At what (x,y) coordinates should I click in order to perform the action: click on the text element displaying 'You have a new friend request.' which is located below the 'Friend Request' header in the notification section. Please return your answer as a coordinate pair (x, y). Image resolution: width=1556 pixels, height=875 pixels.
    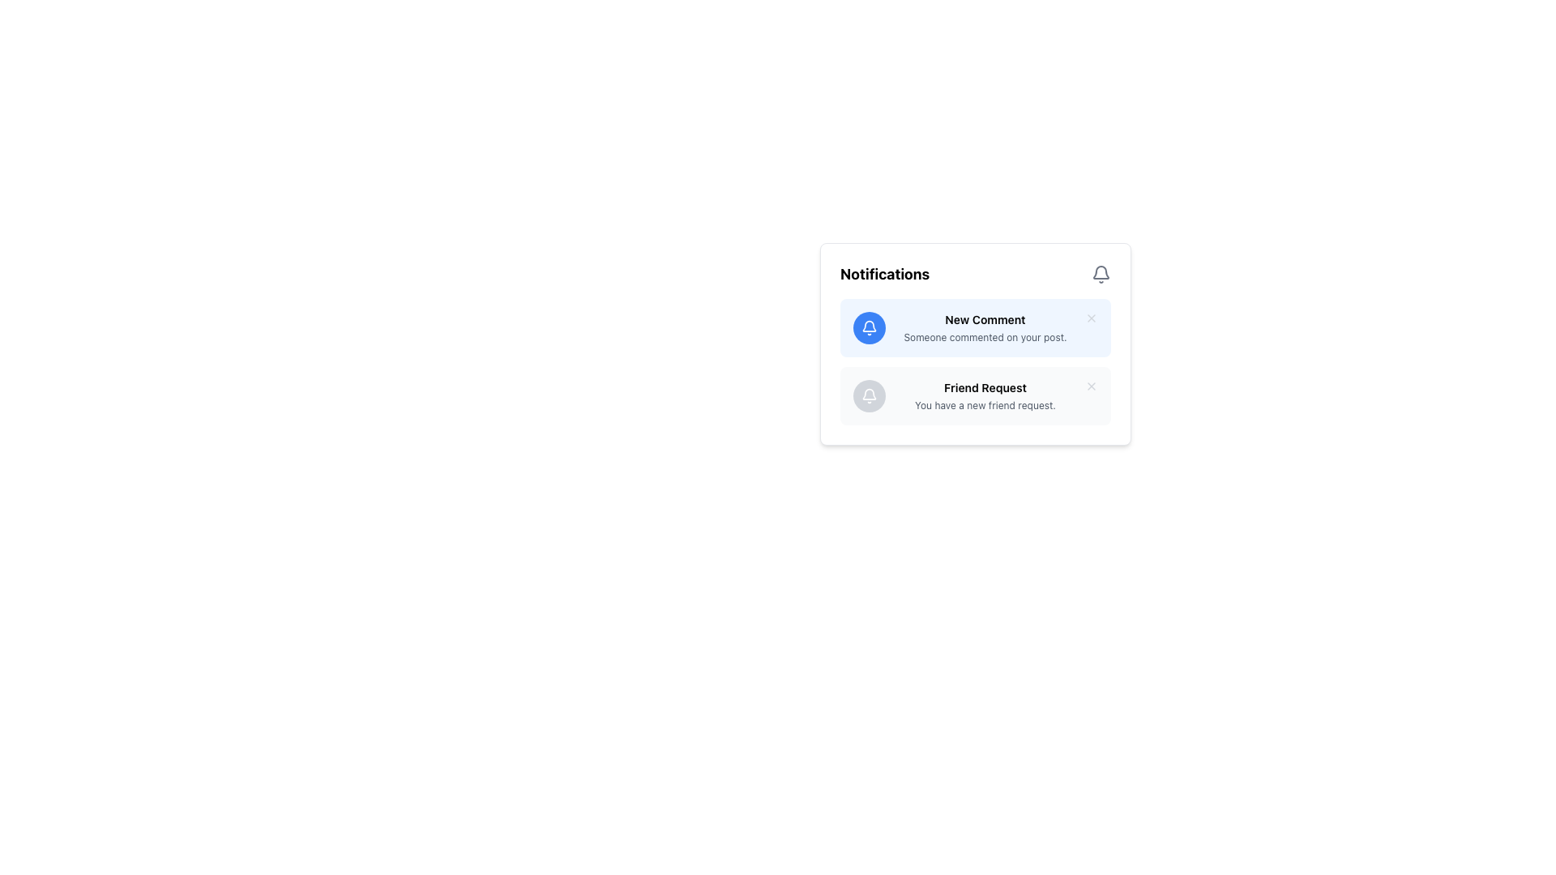
    Looking at the image, I should click on (984, 405).